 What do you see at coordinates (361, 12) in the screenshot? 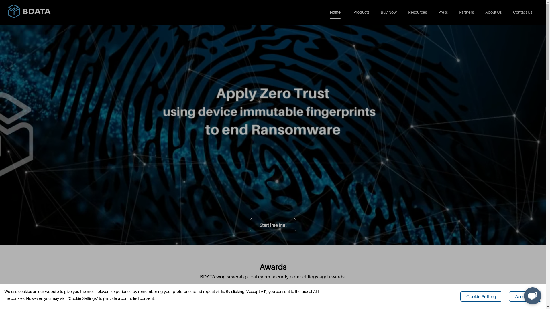
I see `'Products'` at bounding box center [361, 12].